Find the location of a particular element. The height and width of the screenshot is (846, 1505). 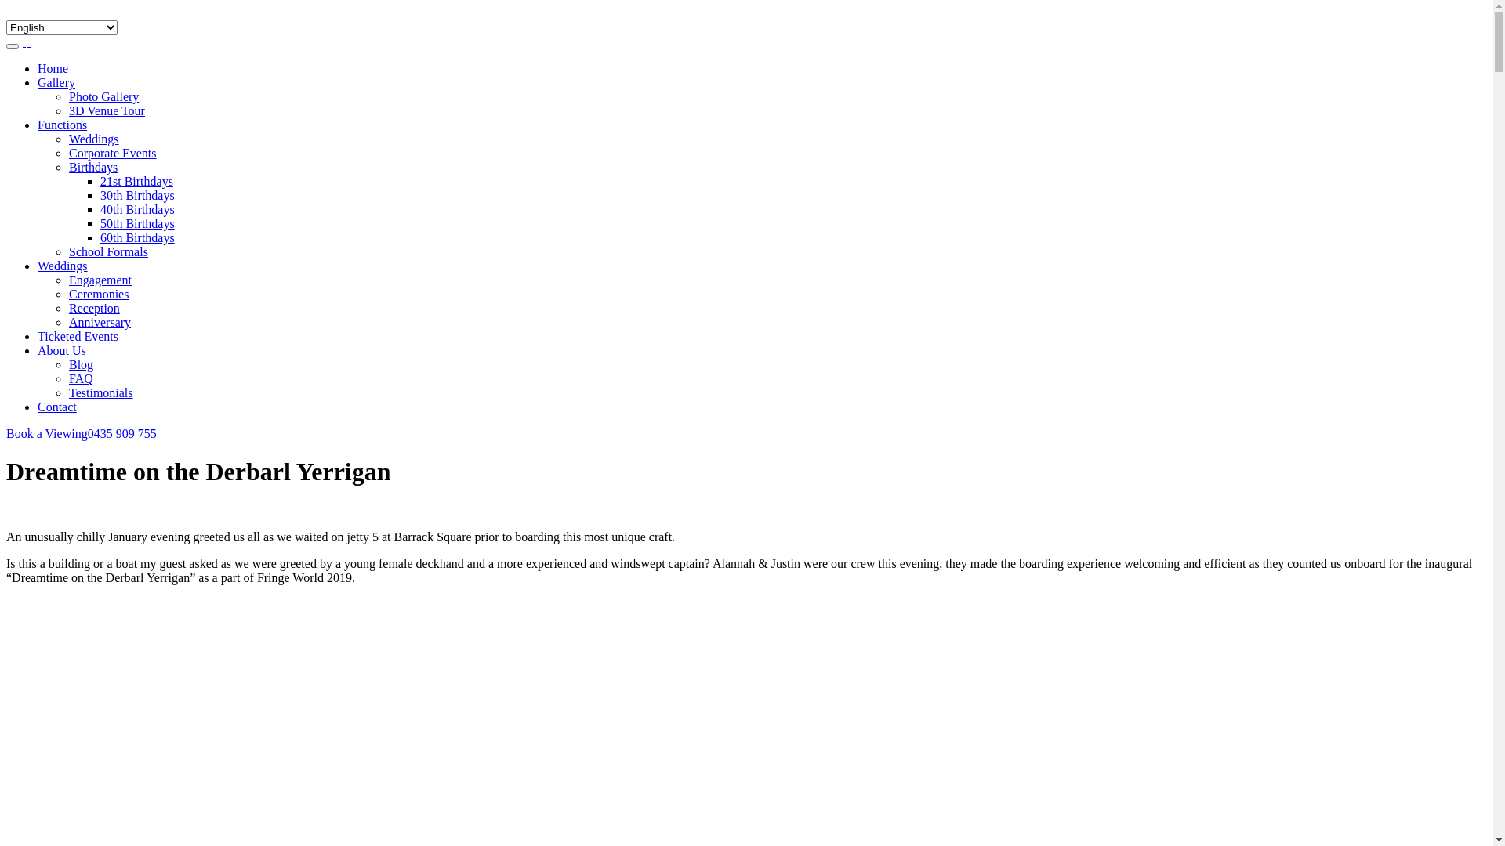

'Functions' is located at coordinates (62, 124).